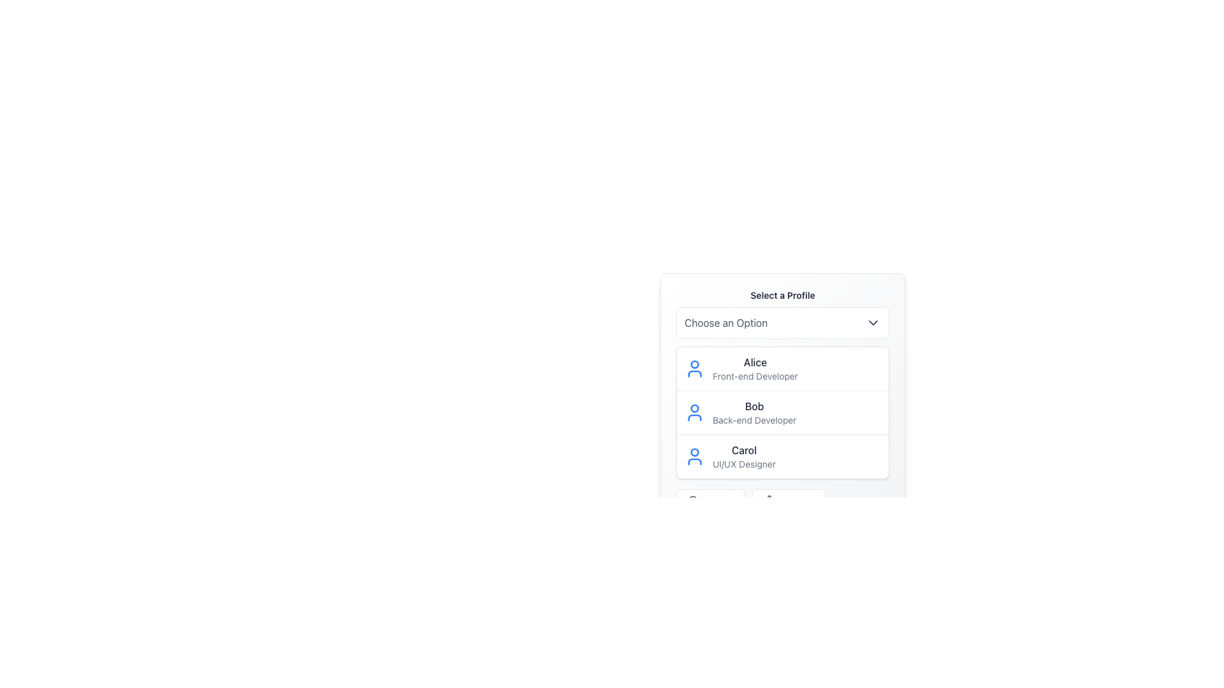 The image size is (1224, 688). I want to click on the Text Display element that shows the name 'Bob' and the title 'Back-end Developer' in the second user profile card, so click(754, 413).